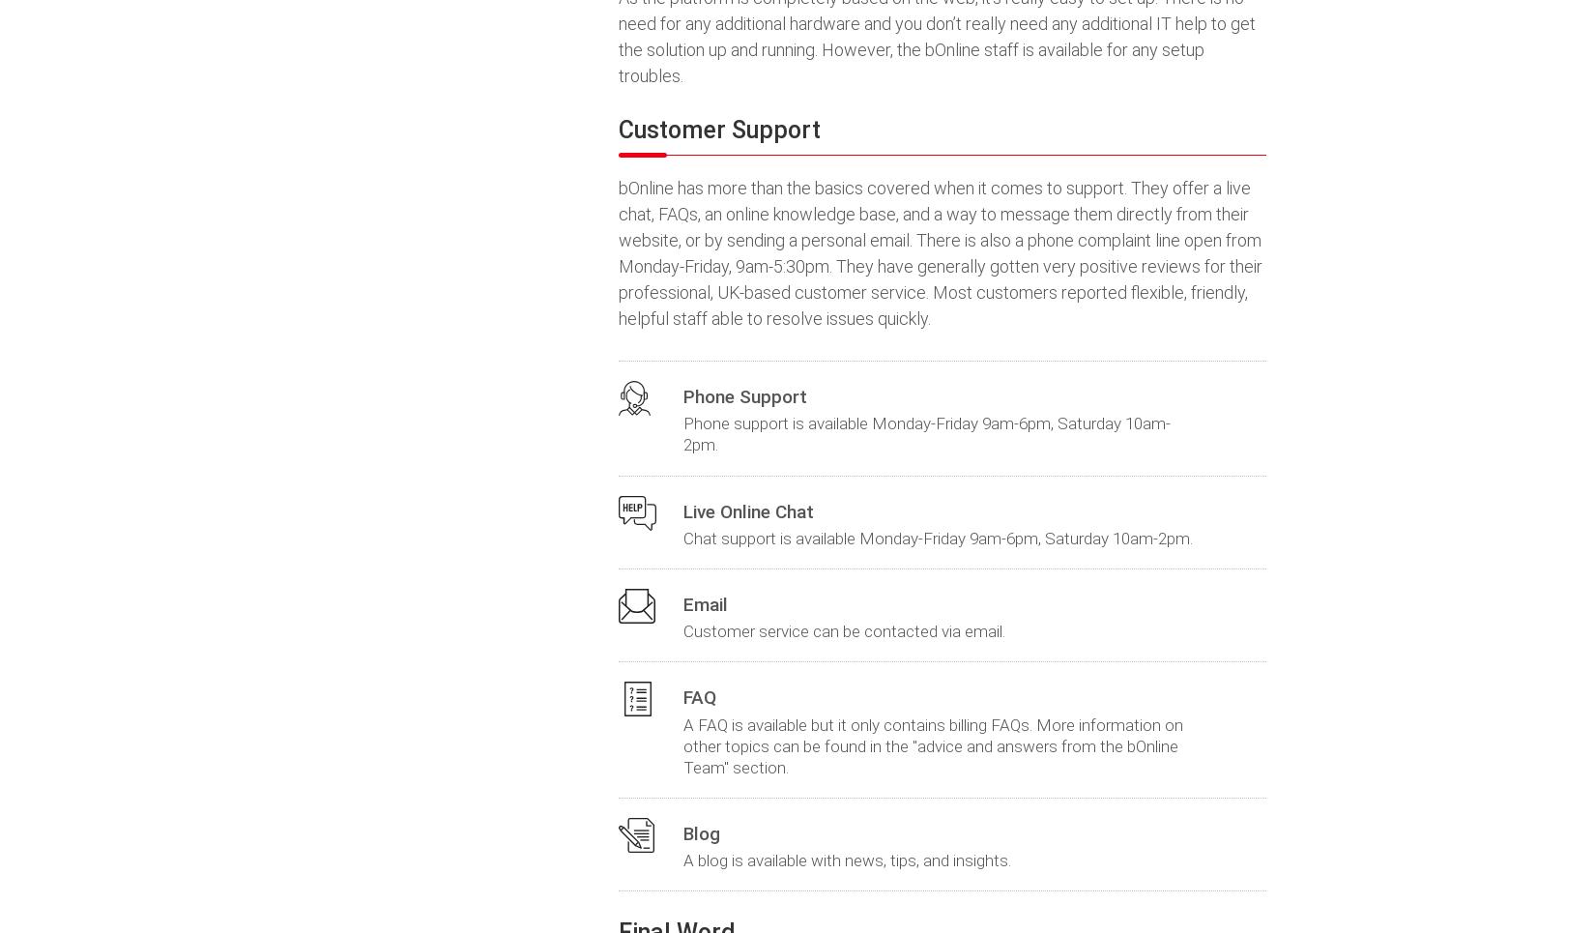 This screenshot has height=933, width=1595. Describe the element at coordinates (847, 860) in the screenshot. I see `'A blog is available with news, tips, and insights.'` at that location.